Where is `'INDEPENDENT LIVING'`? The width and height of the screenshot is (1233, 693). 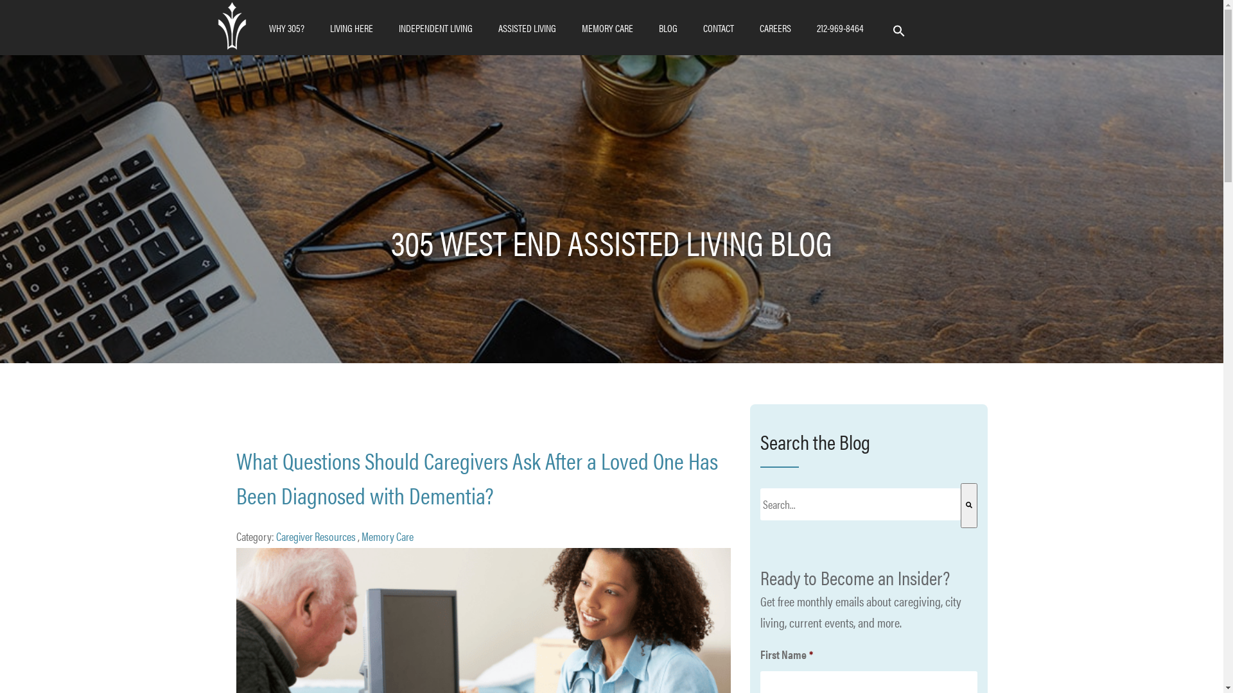 'INDEPENDENT LIVING' is located at coordinates (385, 28).